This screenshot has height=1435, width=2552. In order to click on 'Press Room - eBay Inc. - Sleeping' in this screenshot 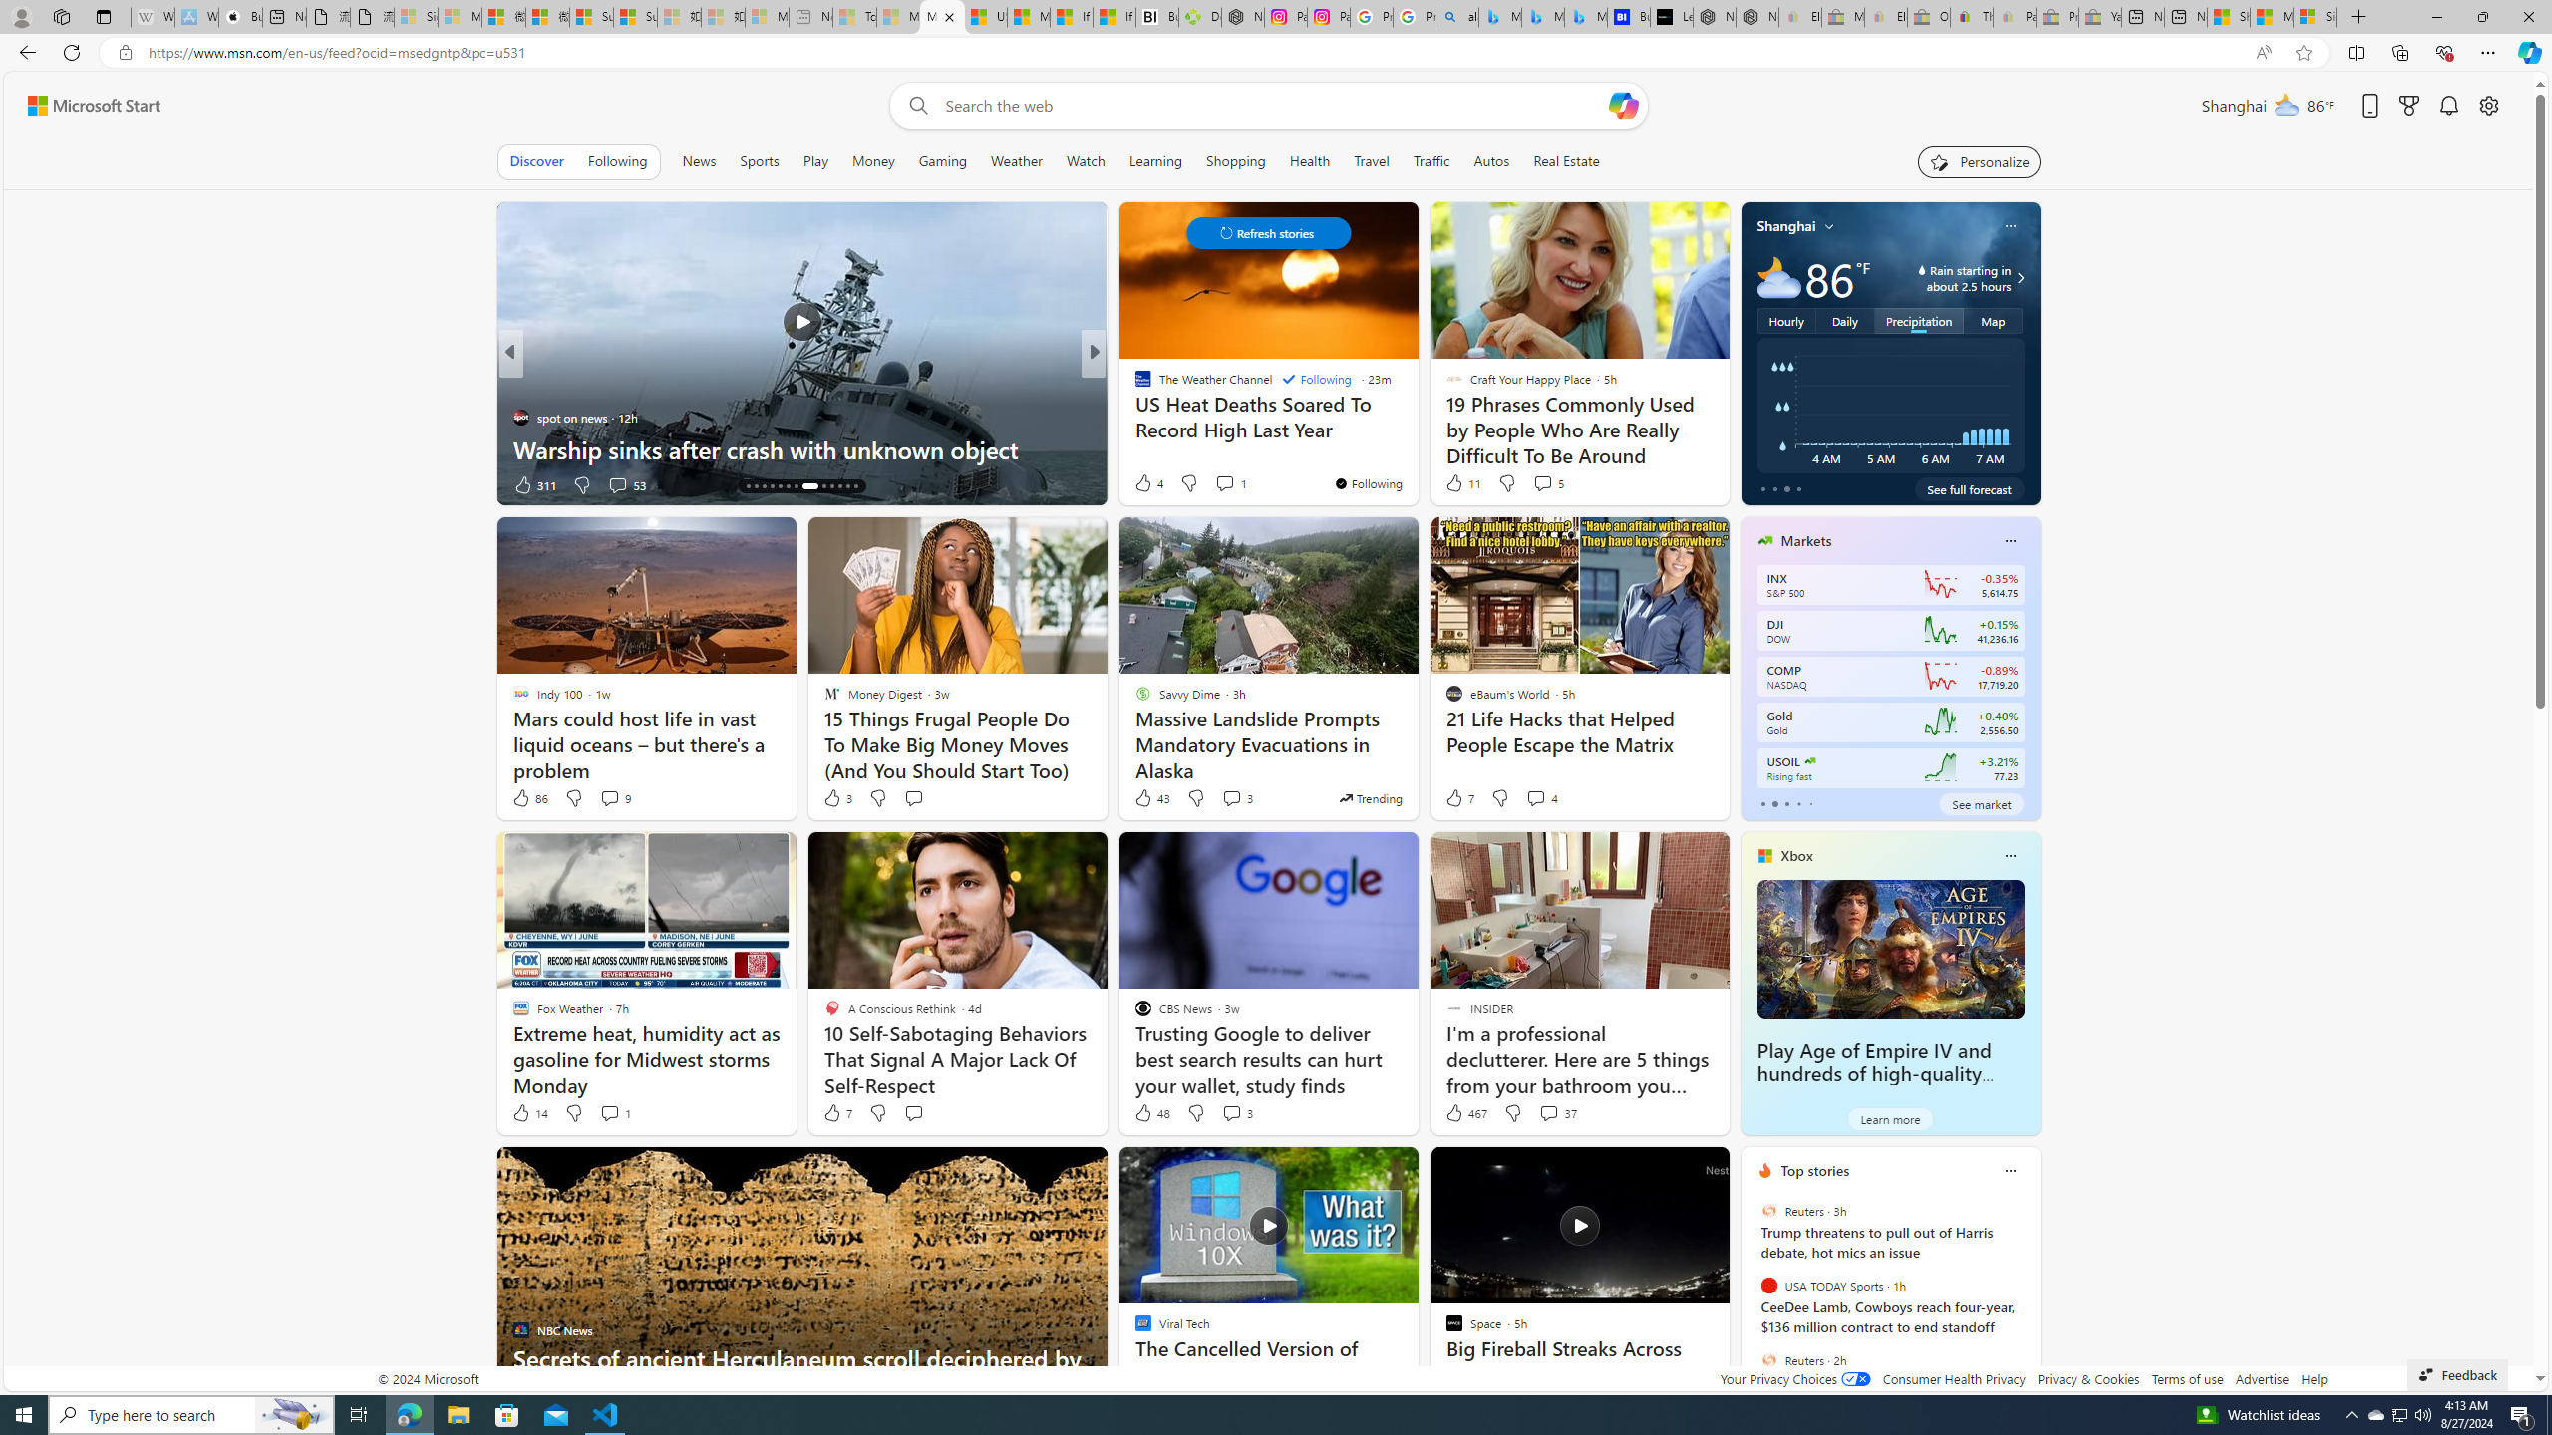, I will do `click(2057, 16)`.